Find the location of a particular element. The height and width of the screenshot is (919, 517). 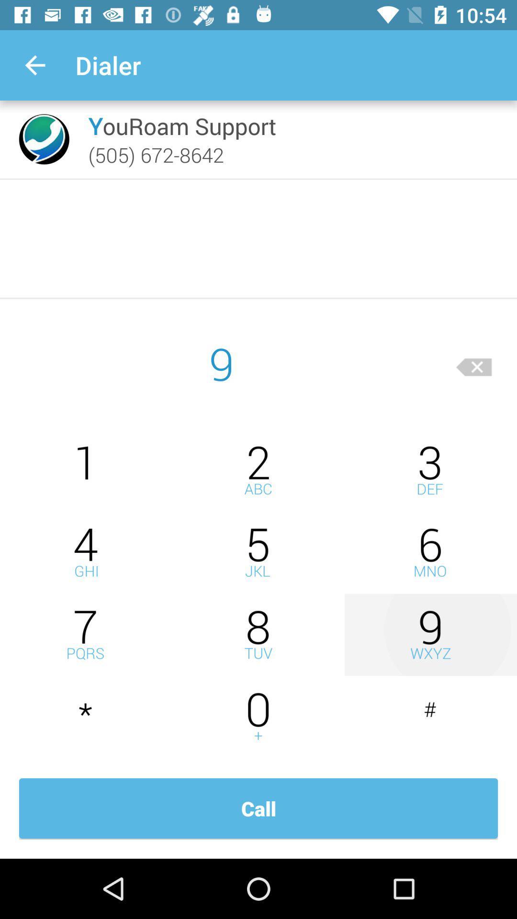

dial star is located at coordinates (86, 717).